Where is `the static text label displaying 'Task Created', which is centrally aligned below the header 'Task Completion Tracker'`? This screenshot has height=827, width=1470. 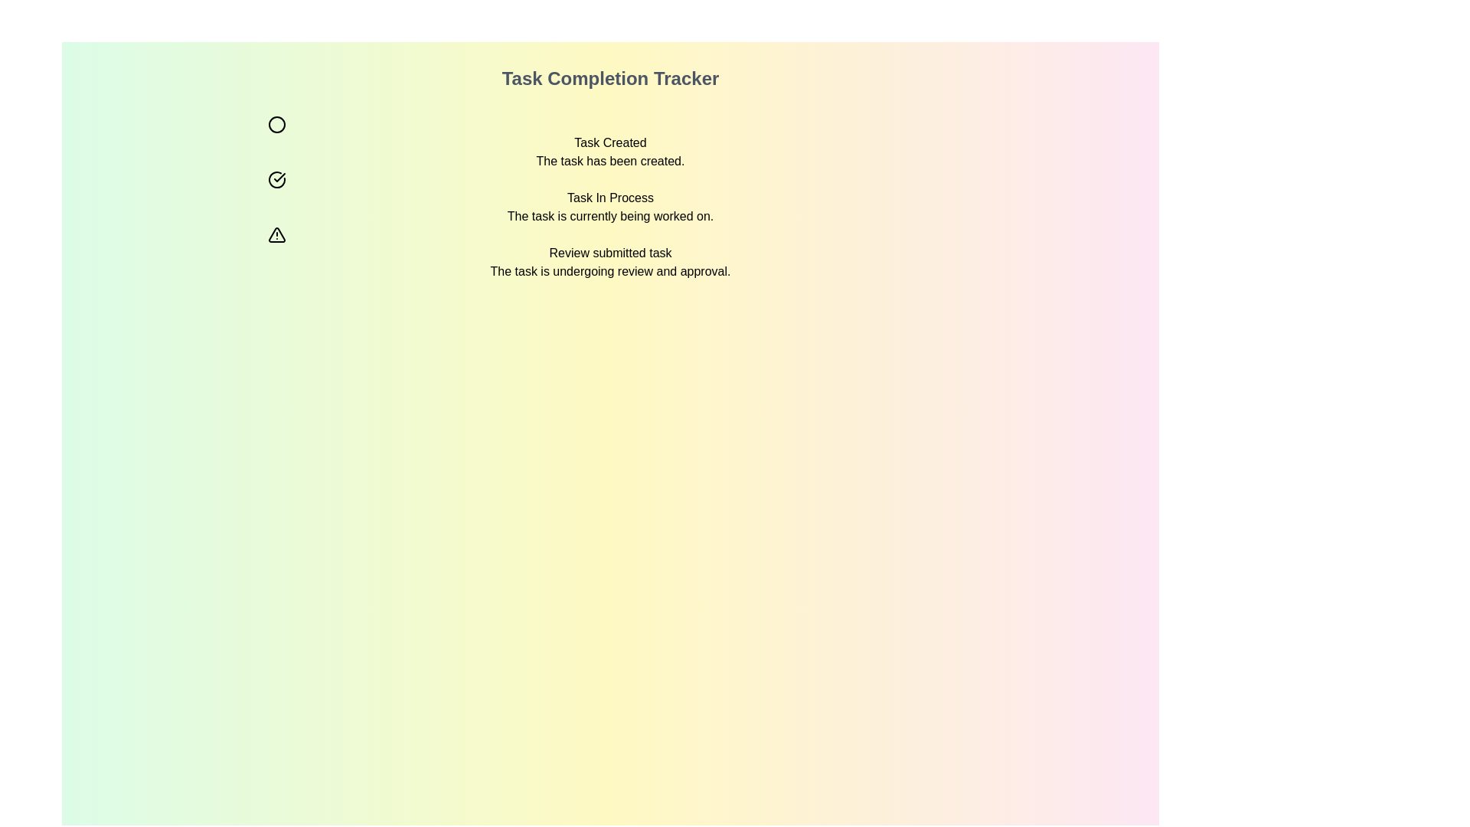
the static text label displaying 'Task Created', which is centrally aligned below the header 'Task Completion Tracker' is located at coordinates (609, 142).